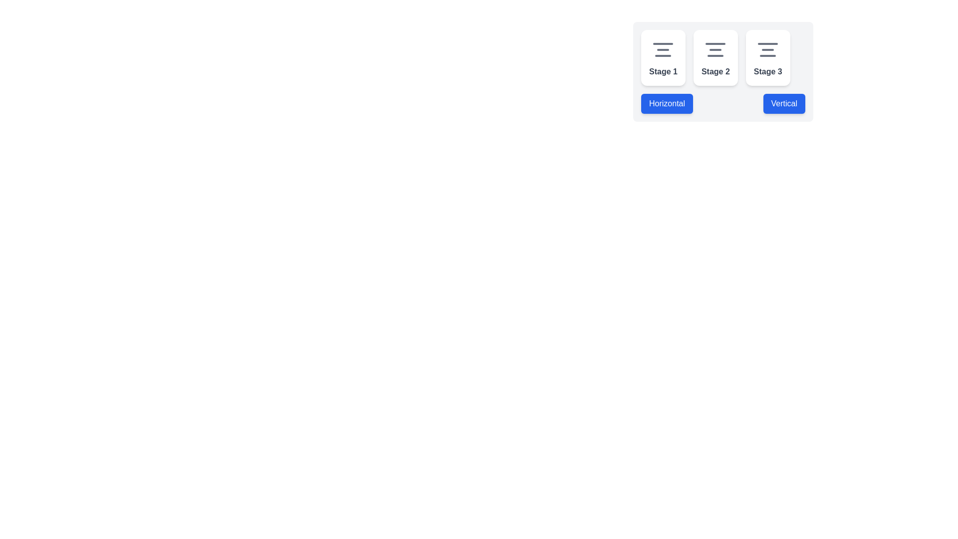 The width and height of the screenshot is (958, 539). What do you see at coordinates (667, 104) in the screenshot?
I see `the 'Horizontal' layout button located at the bottom left of the group containing 'Stage 1,' 'Stage 2,' and 'Stage 3,'` at bounding box center [667, 104].